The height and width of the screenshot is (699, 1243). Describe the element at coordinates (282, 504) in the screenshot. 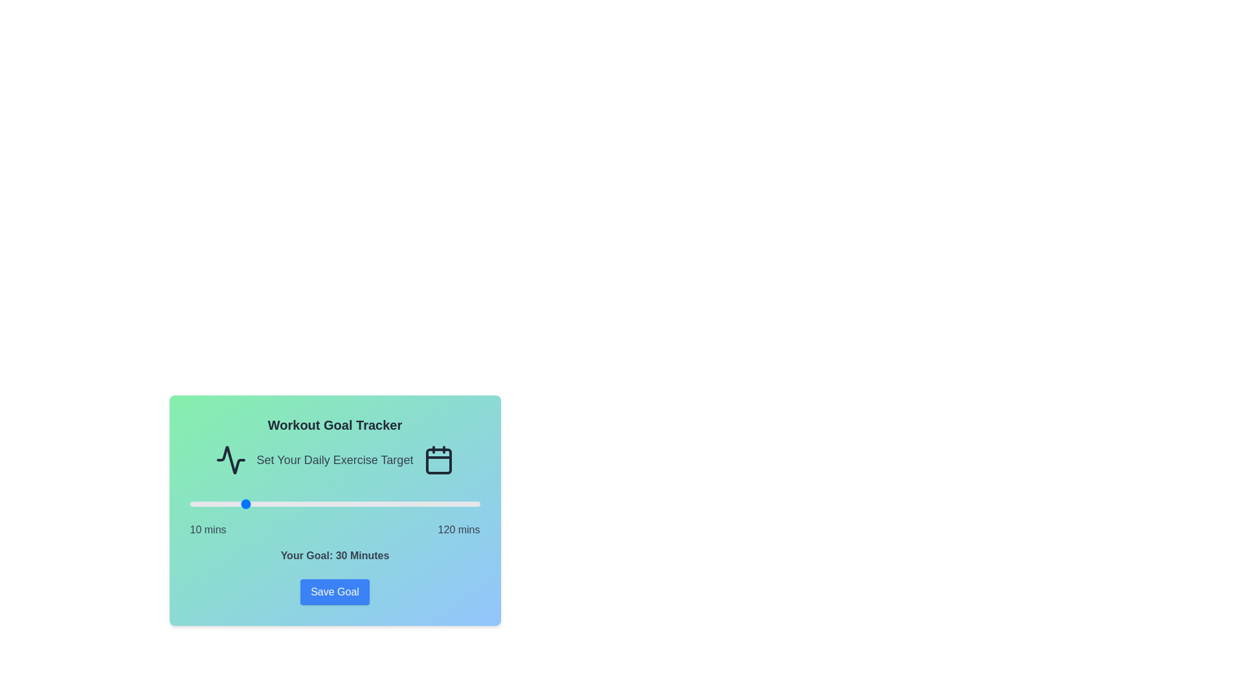

I see `the workout goal slider to set the goal to 45 minutes` at that location.